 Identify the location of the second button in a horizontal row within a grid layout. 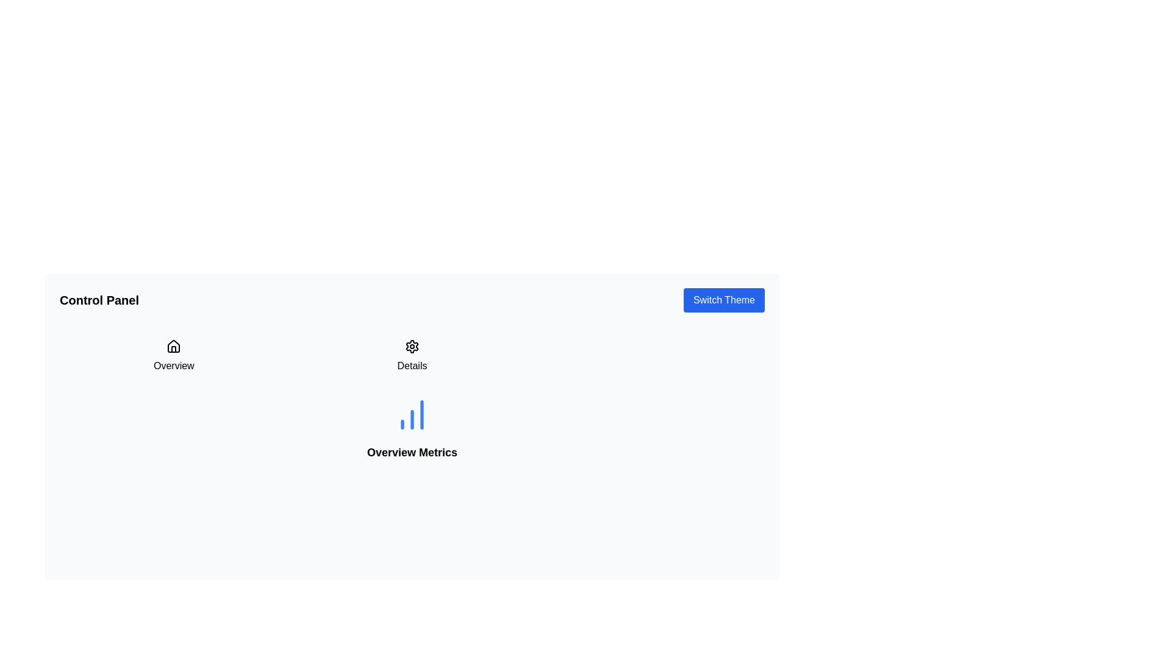
(412, 356).